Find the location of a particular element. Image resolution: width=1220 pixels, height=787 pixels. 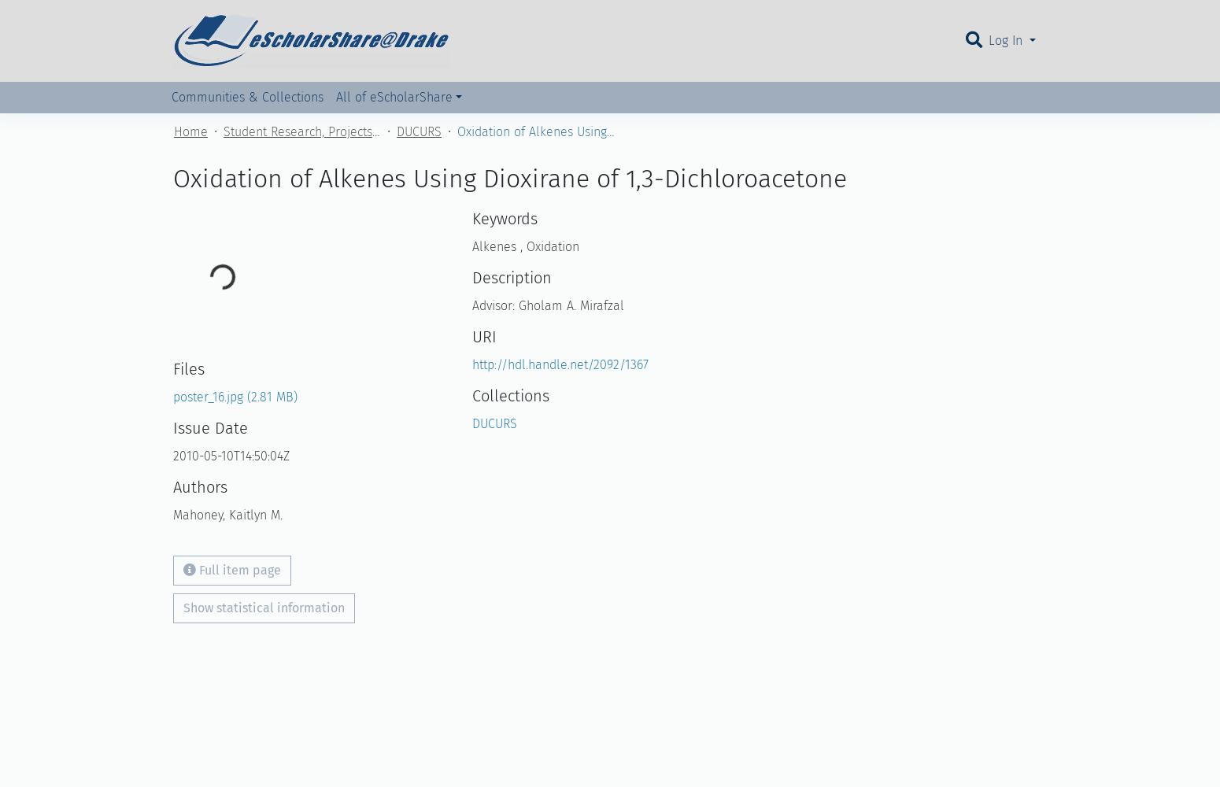

',' is located at coordinates (520, 246).